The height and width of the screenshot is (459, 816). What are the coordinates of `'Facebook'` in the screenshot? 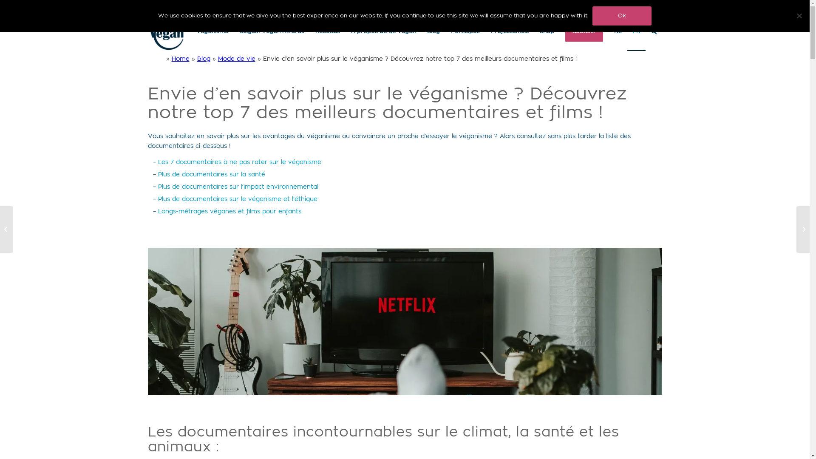 It's located at (643, 6).